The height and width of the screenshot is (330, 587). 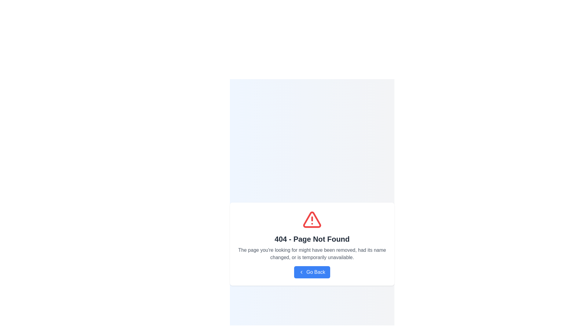 I want to click on the warning/error icon that visually represents a warning state and is located above the text '404 - Page Not Found', so click(x=312, y=219).